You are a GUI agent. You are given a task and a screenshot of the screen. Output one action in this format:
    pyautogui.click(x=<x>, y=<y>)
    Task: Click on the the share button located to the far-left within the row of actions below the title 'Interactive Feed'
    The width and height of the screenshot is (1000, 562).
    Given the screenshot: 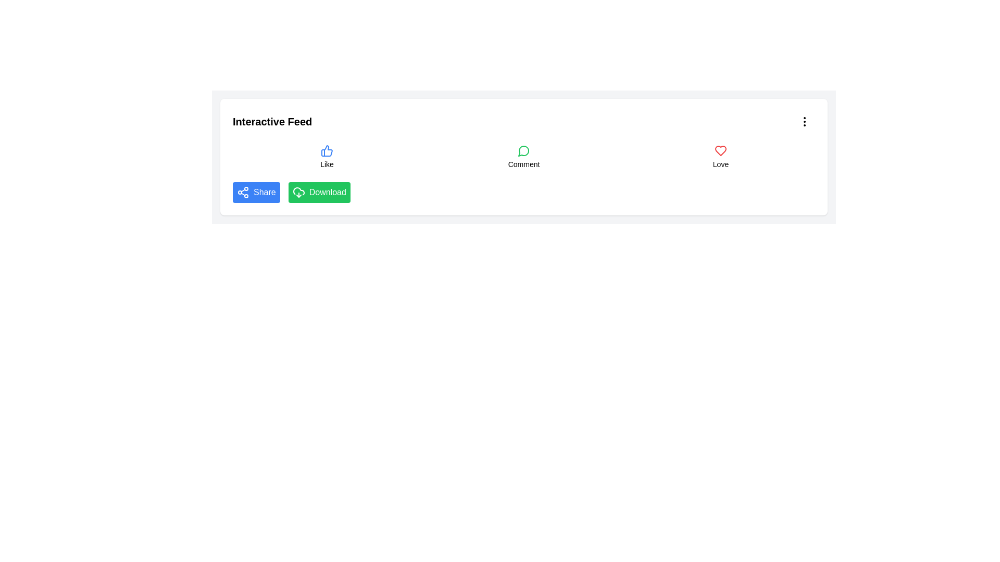 What is the action you would take?
    pyautogui.click(x=256, y=193)
    